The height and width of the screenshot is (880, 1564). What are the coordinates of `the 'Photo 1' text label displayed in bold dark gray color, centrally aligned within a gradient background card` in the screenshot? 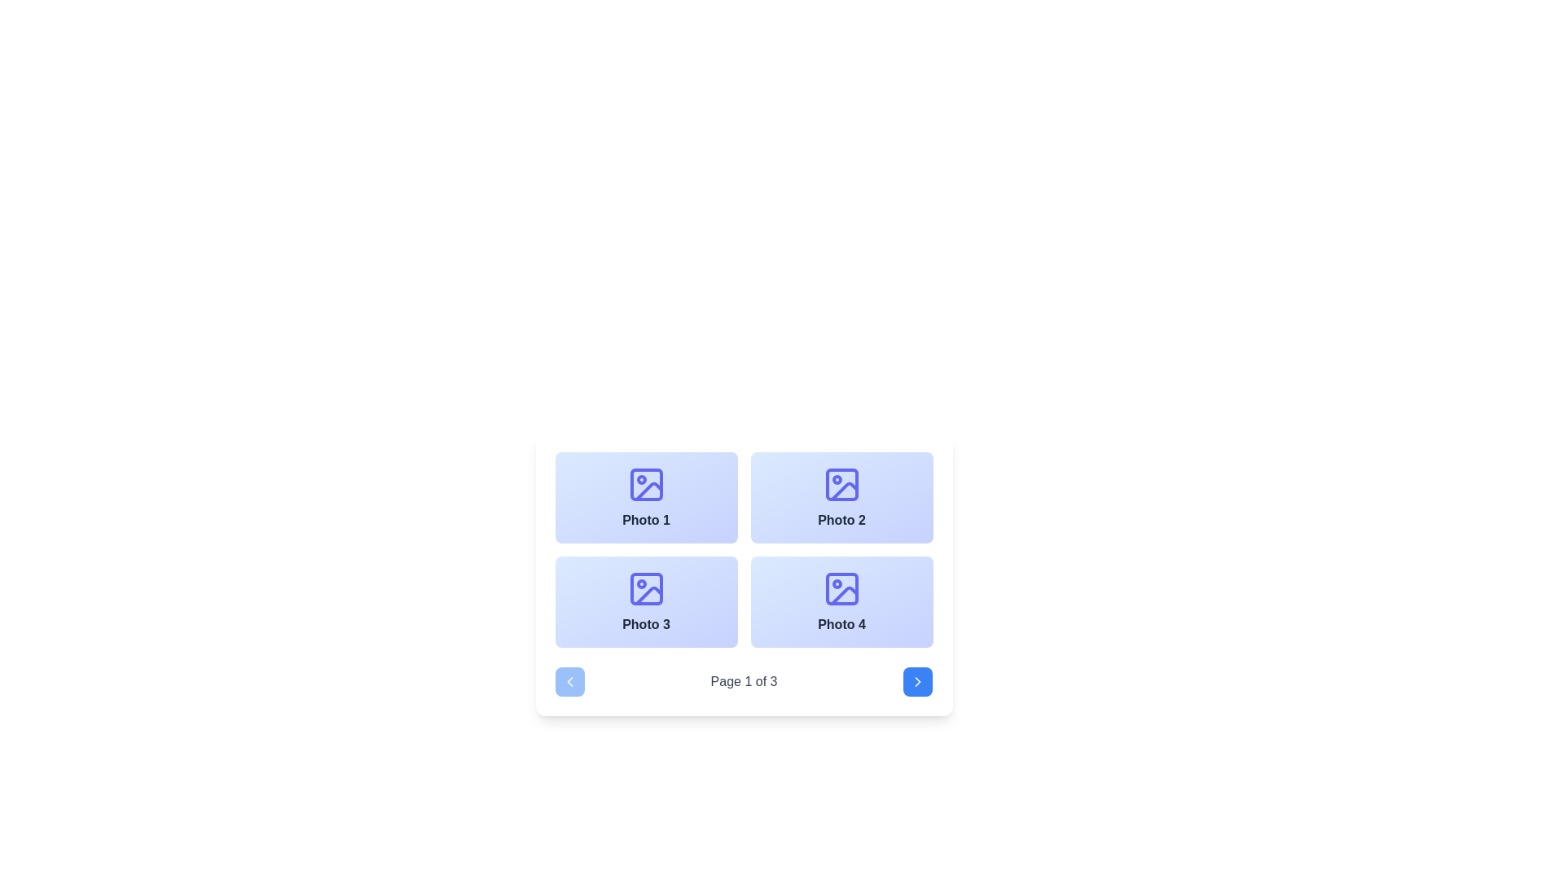 It's located at (645, 521).